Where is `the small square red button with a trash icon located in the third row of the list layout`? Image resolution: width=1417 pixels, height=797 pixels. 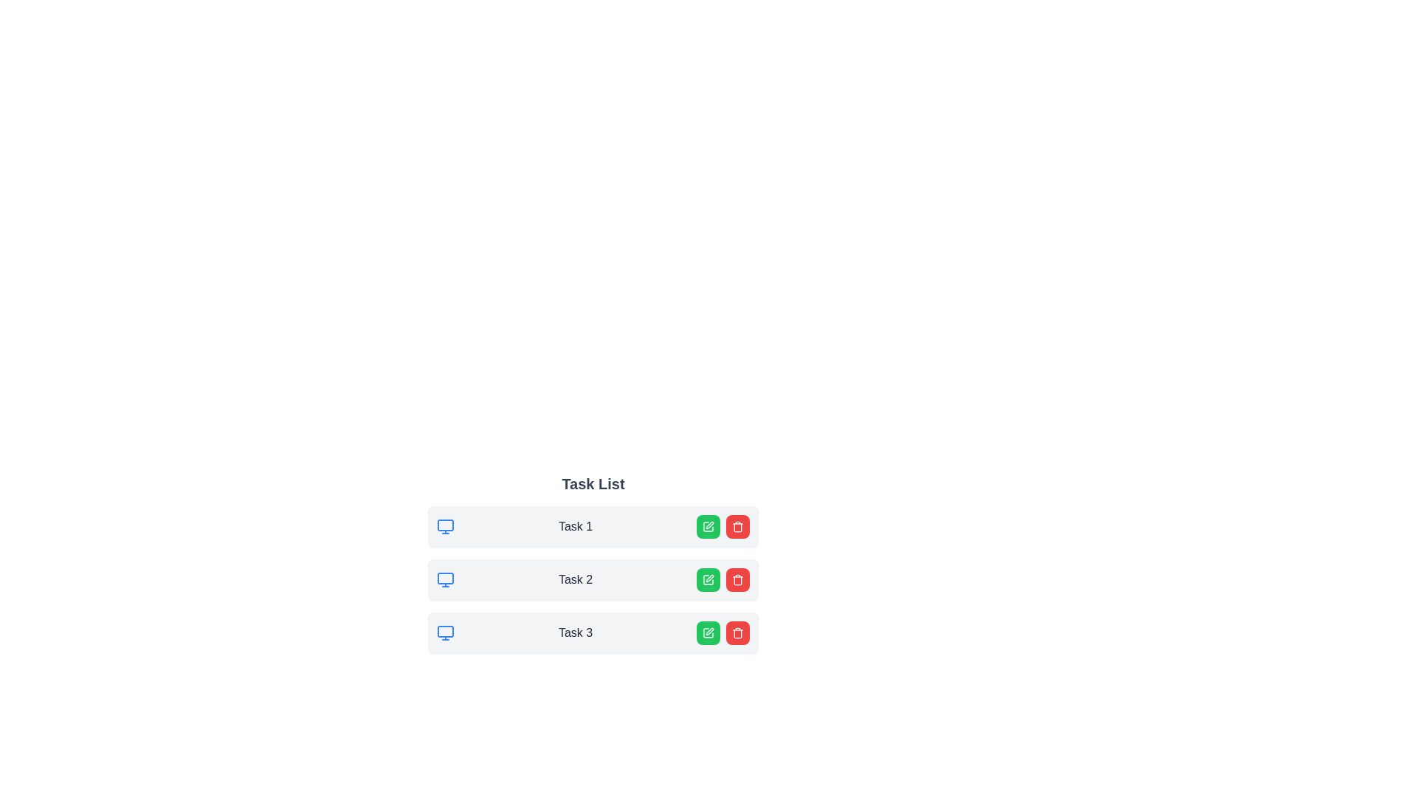 the small square red button with a trash icon located in the third row of the list layout is located at coordinates (737, 632).